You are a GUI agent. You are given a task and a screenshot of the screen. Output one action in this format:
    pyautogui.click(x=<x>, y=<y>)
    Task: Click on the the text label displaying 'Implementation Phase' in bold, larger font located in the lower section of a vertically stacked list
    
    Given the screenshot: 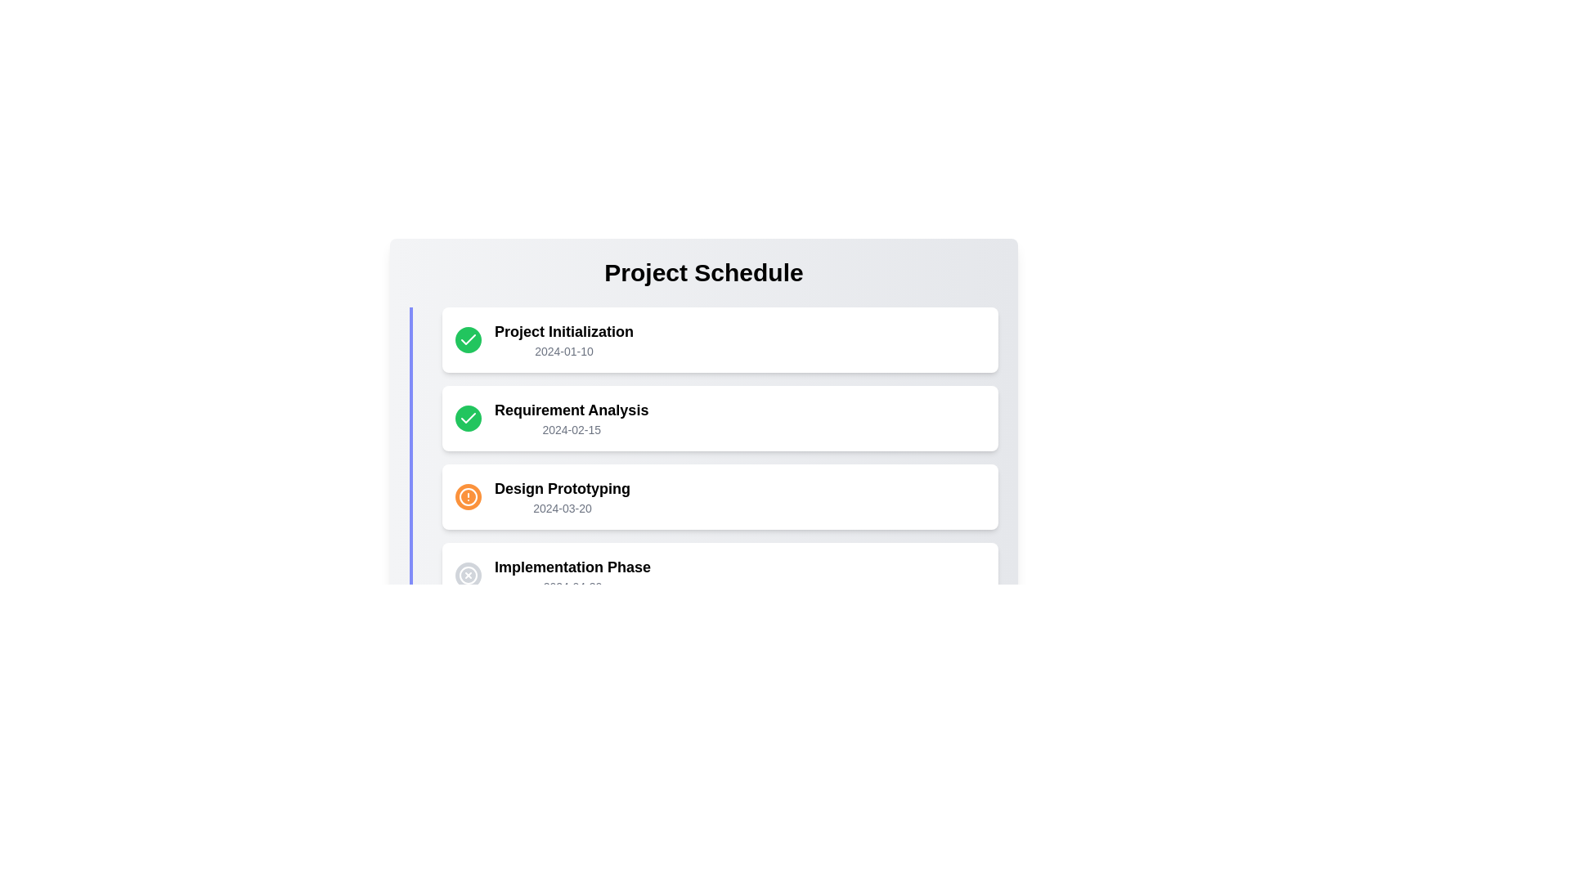 What is the action you would take?
    pyautogui.click(x=572, y=567)
    